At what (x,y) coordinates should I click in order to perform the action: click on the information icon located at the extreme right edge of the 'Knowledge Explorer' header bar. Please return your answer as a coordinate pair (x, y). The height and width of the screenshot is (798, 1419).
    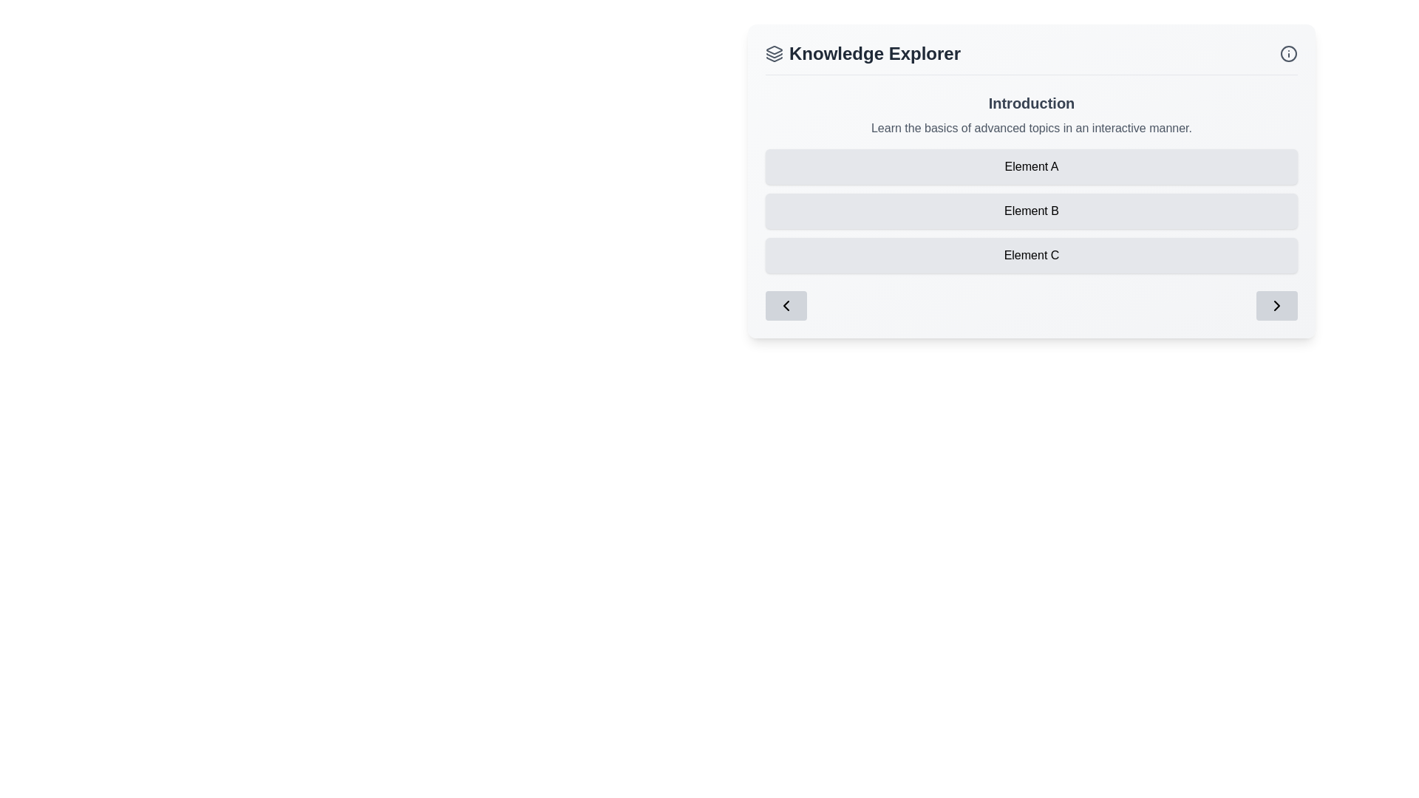
    Looking at the image, I should click on (1287, 53).